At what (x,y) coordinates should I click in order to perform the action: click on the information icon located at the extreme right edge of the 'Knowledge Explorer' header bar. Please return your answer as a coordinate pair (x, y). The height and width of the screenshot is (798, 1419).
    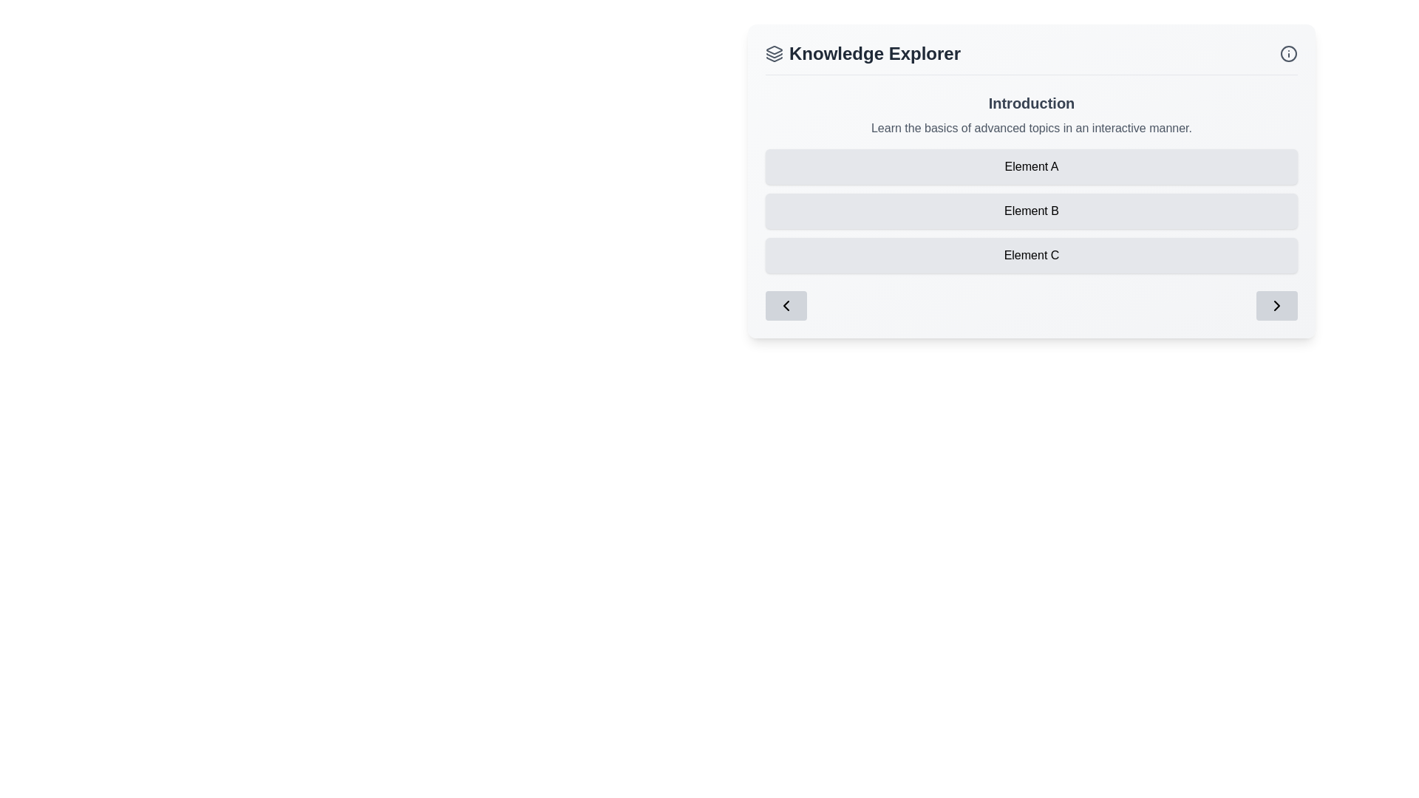
    Looking at the image, I should click on (1287, 53).